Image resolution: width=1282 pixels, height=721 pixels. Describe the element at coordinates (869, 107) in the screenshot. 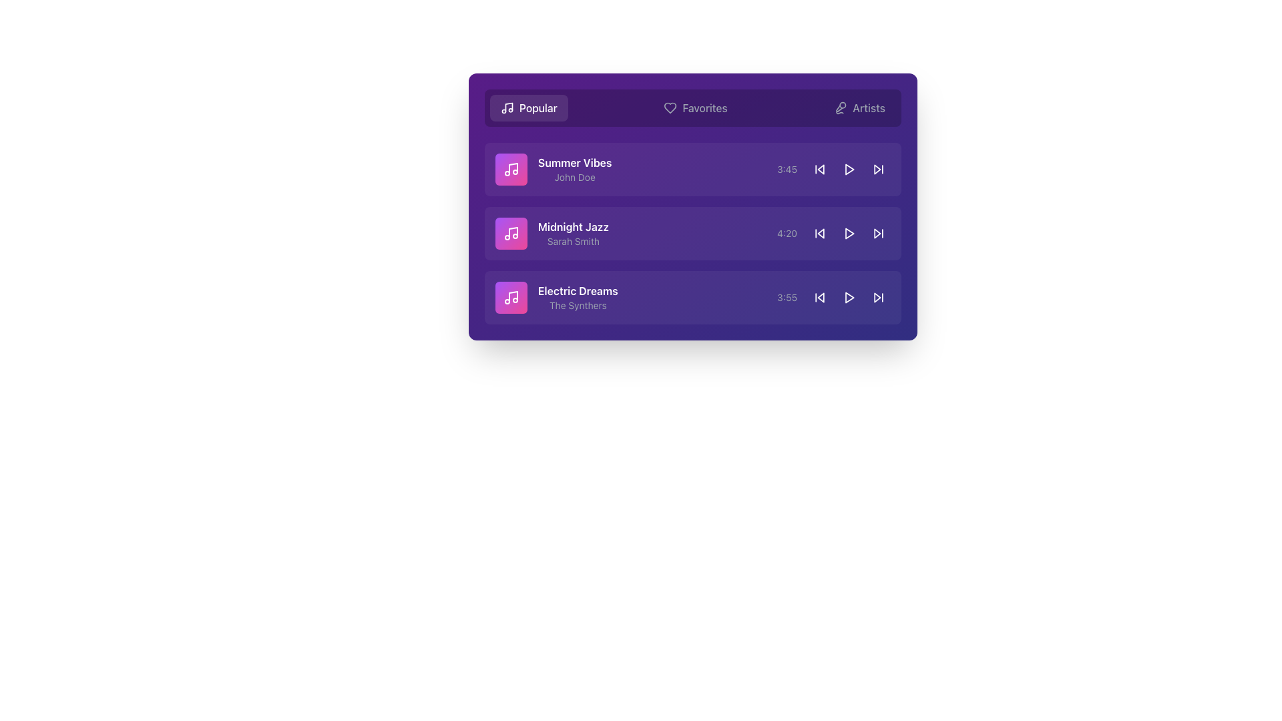

I see `text label displaying 'Artists' located at the top-right corner of the menu bar with a purple background` at that location.